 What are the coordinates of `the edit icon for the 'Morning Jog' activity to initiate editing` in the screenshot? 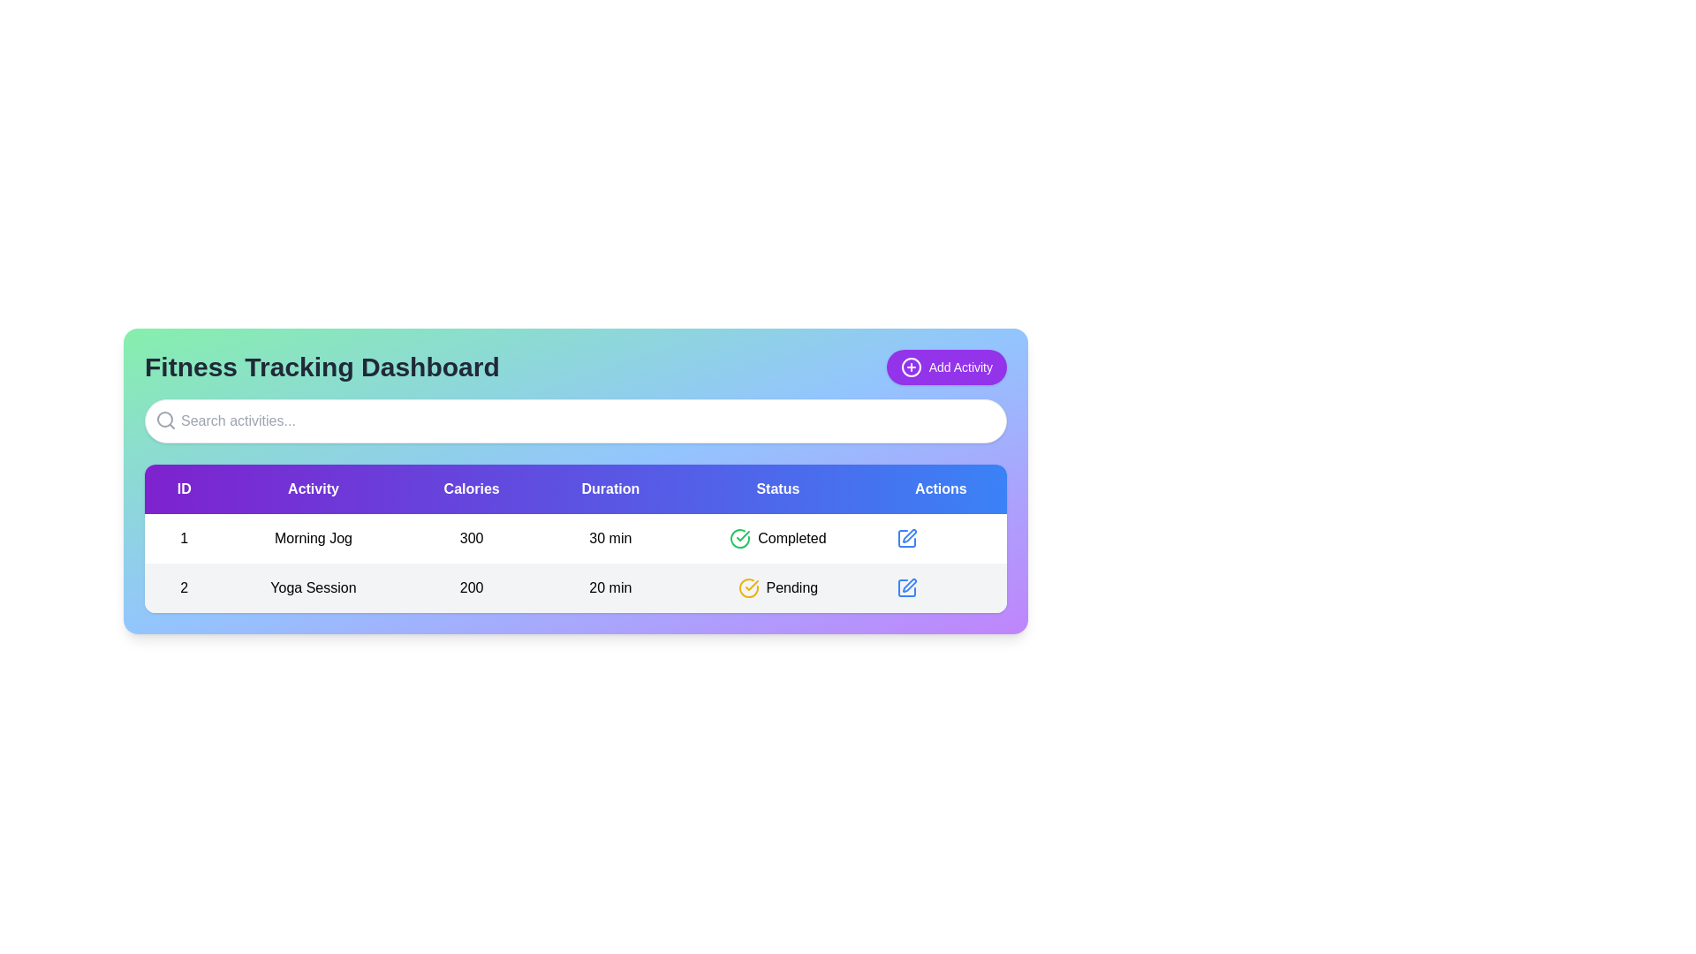 It's located at (909, 534).